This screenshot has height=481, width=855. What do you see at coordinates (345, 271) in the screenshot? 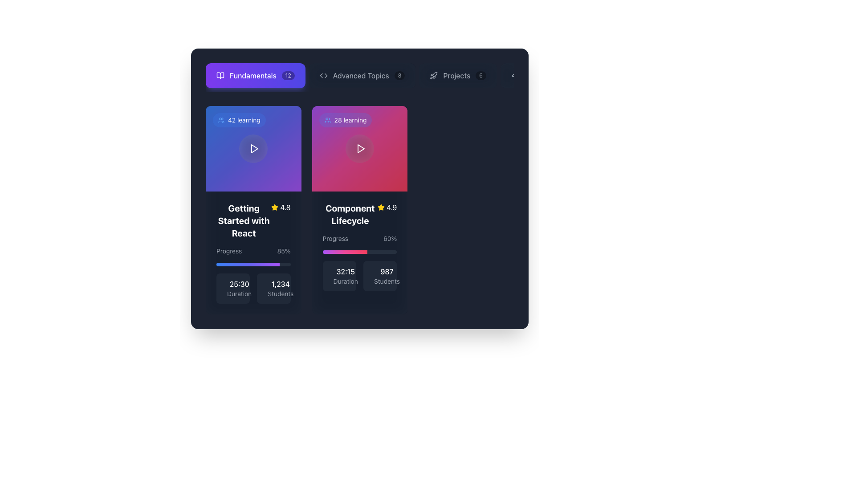
I see `the Label displaying '32:15' which is styled in white font and is located within the 'Component Lifecycle' card in the second column of the grid layout` at bounding box center [345, 271].